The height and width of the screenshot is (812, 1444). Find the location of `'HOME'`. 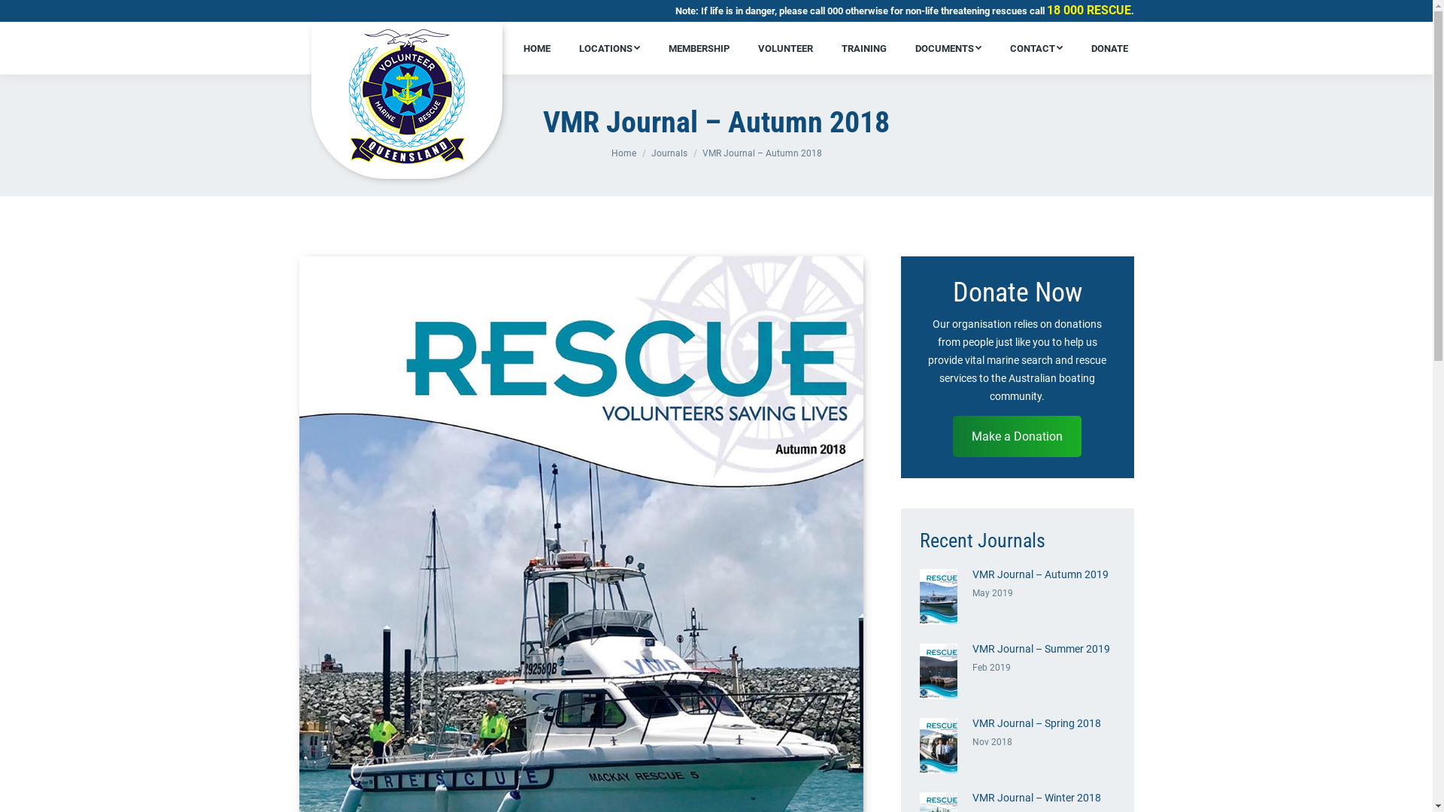

'HOME' is located at coordinates (520, 47).